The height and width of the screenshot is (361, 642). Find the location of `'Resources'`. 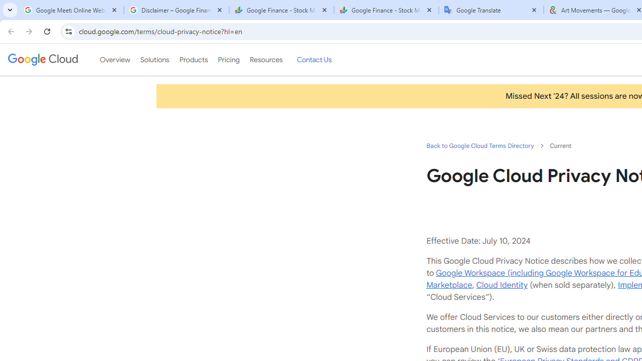

'Resources' is located at coordinates (266, 60).